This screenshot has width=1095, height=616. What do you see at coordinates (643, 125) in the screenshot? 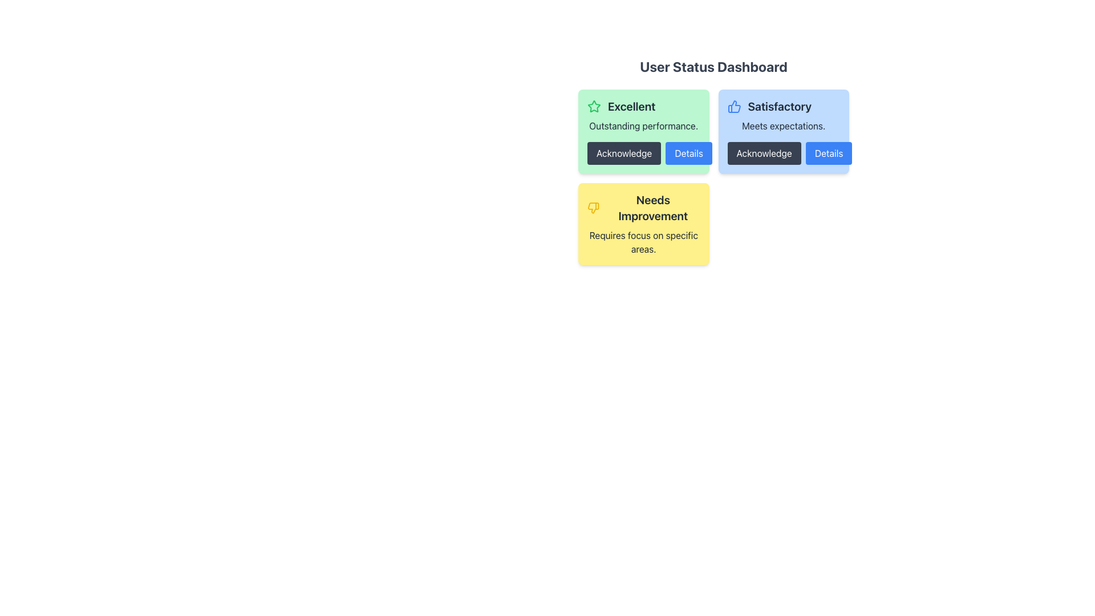
I see `static text element located in the 'Excellent' section of the User Status Dashboard, positioned below the title 'Excellent' and above the action buttons 'Acknowledge' and 'Details'` at bounding box center [643, 125].